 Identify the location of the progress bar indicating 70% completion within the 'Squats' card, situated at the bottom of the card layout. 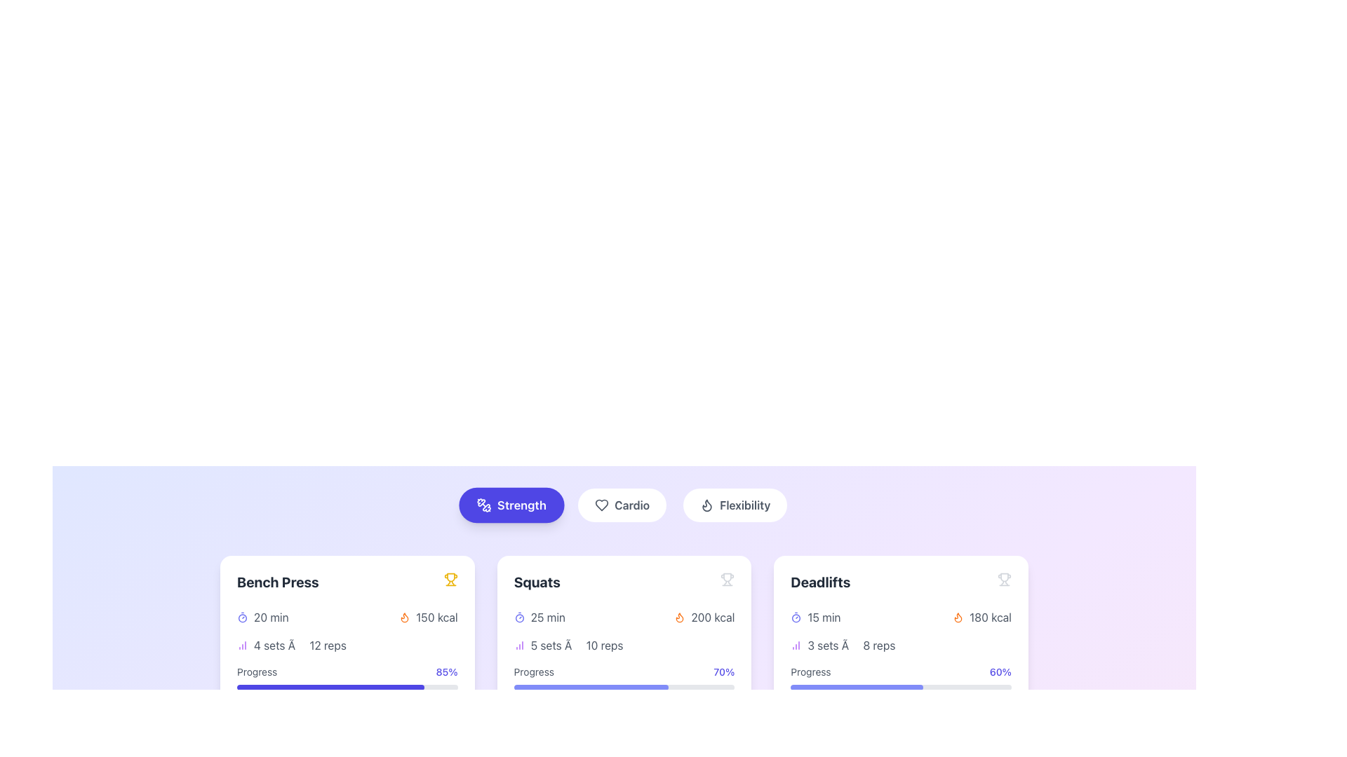
(623, 677).